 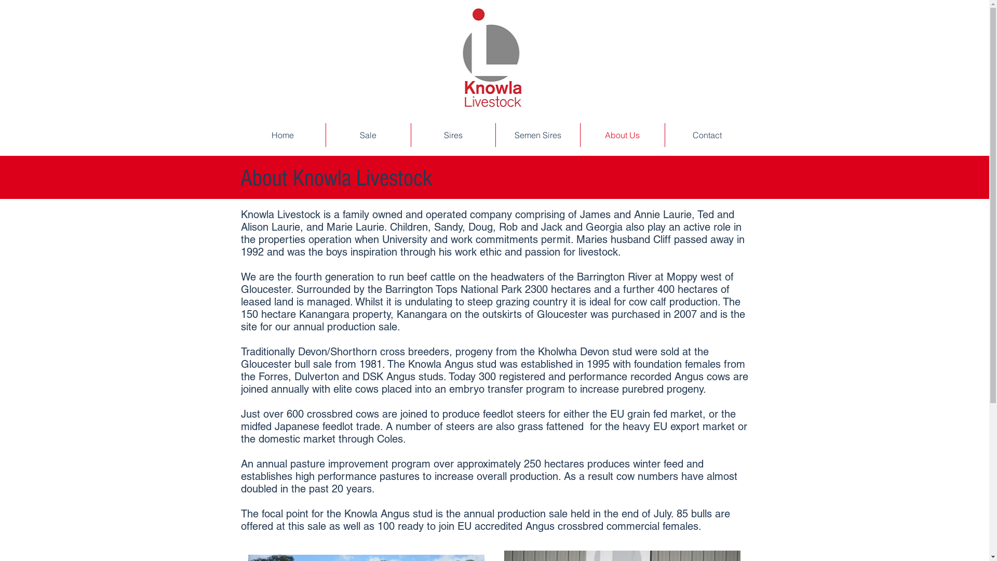 What do you see at coordinates (706, 134) in the screenshot?
I see `'Contact'` at bounding box center [706, 134].